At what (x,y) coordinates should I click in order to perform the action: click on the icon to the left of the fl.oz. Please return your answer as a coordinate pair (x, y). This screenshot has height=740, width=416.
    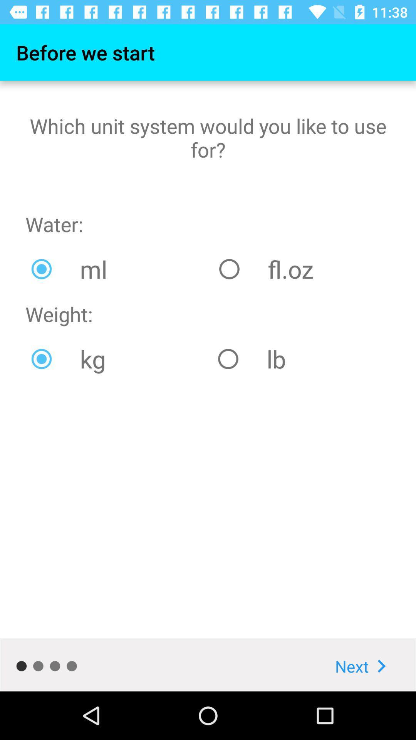
    Looking at the image, I should click on (119, 269).